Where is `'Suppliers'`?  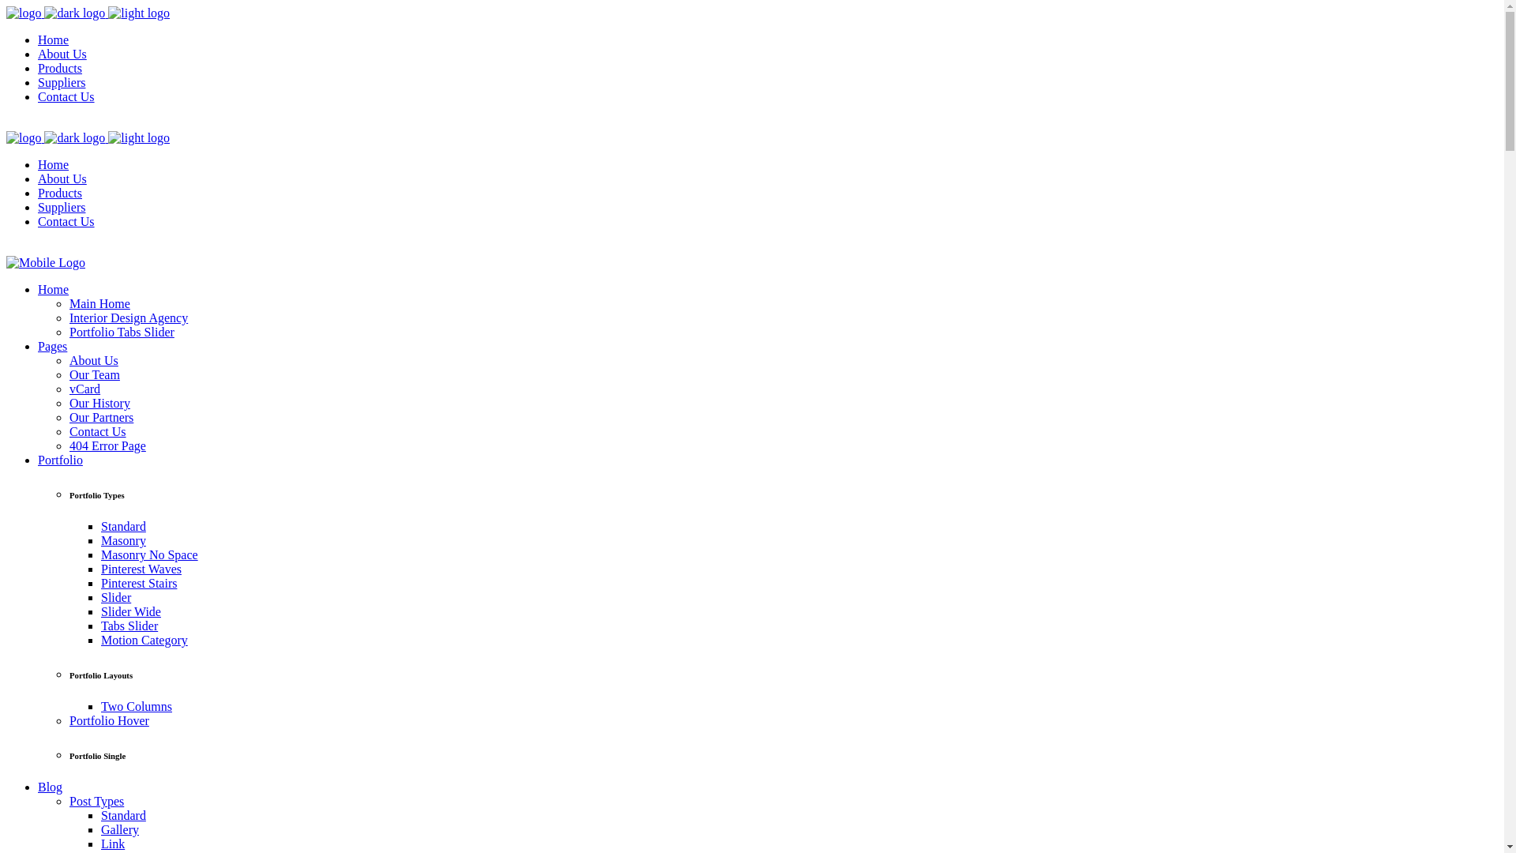
'Suppliers' is located at coordinates (61, 206).